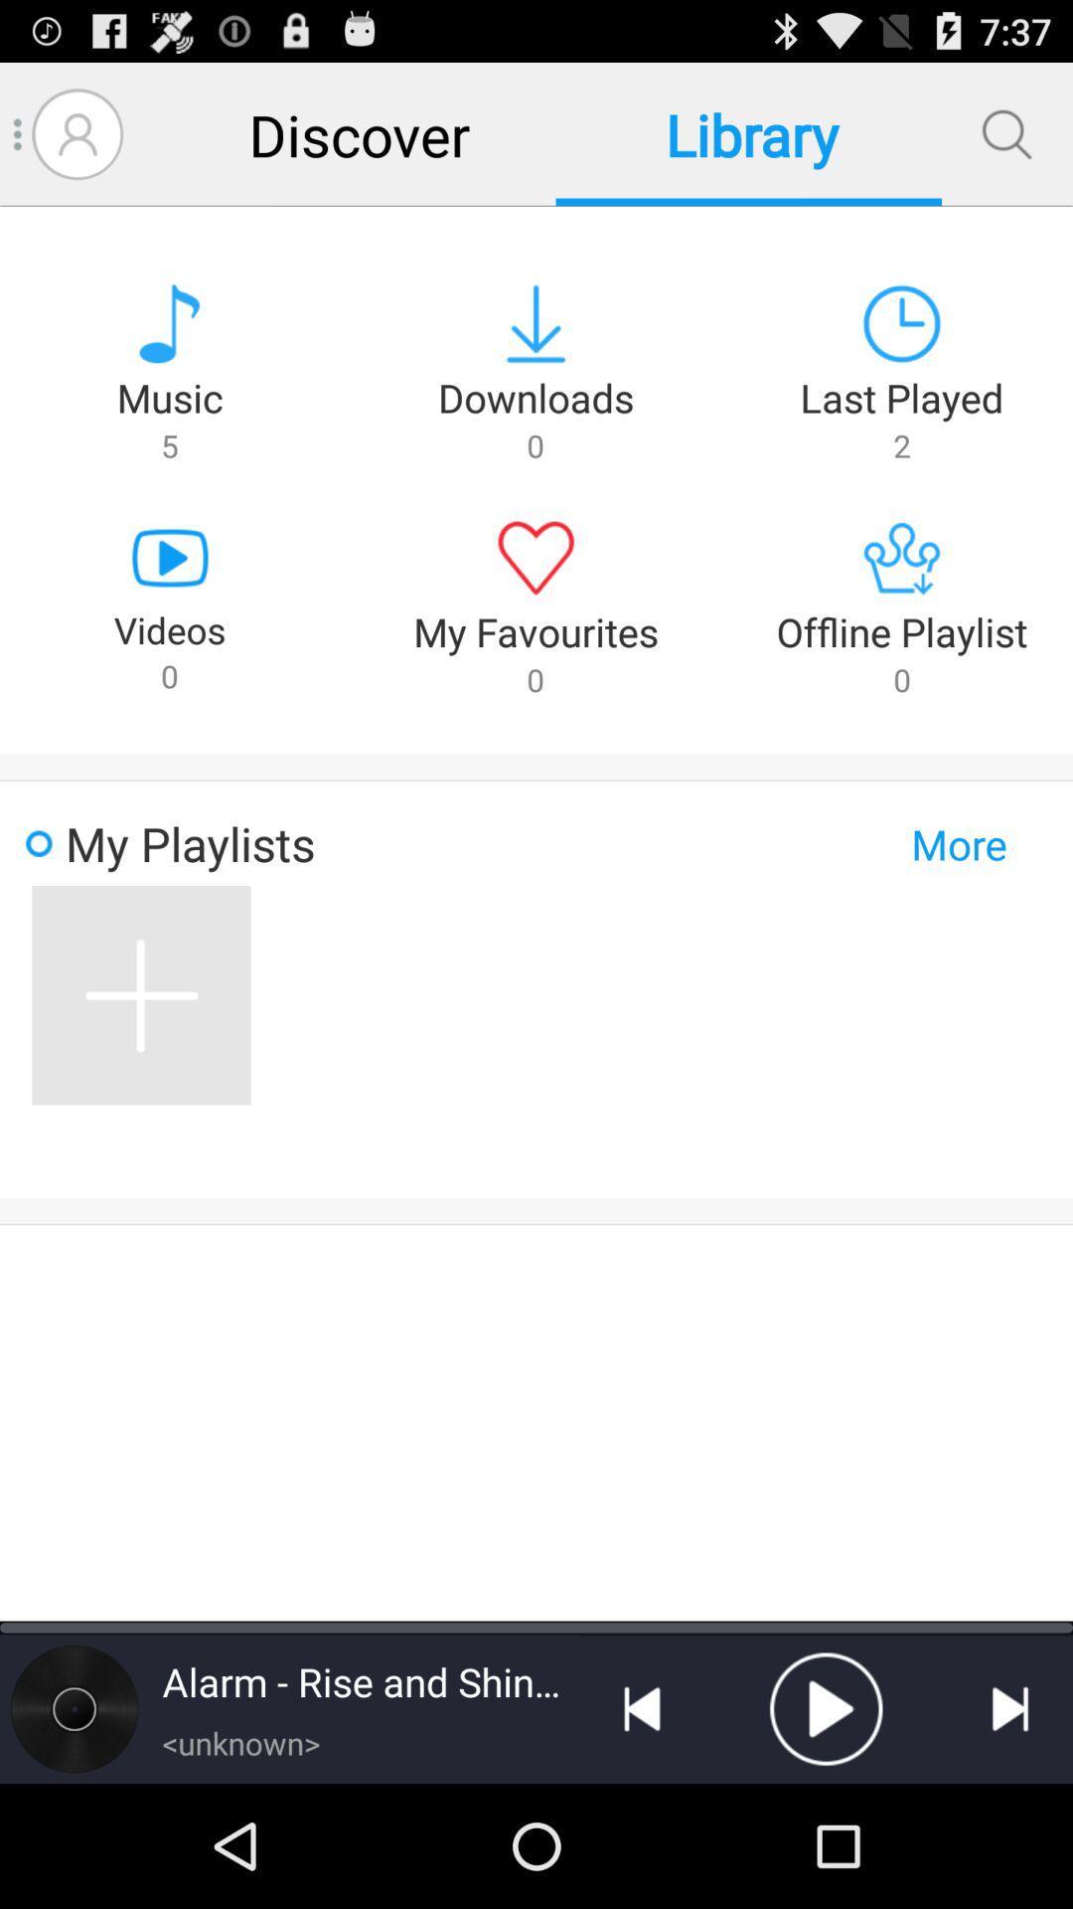  What do you see at coordinates (77, 133) in the screenshot?
I see `the app to the left of the discover` at bounding box center [77, 133].